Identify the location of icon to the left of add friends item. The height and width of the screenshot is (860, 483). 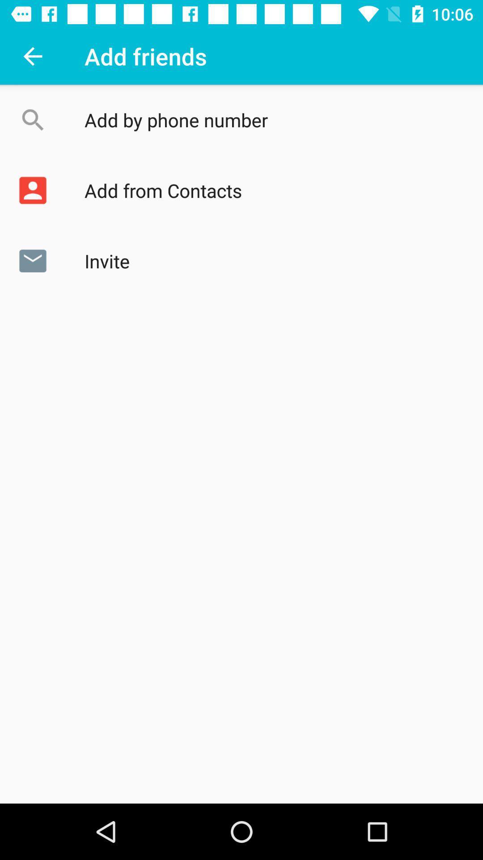
(32, 56).